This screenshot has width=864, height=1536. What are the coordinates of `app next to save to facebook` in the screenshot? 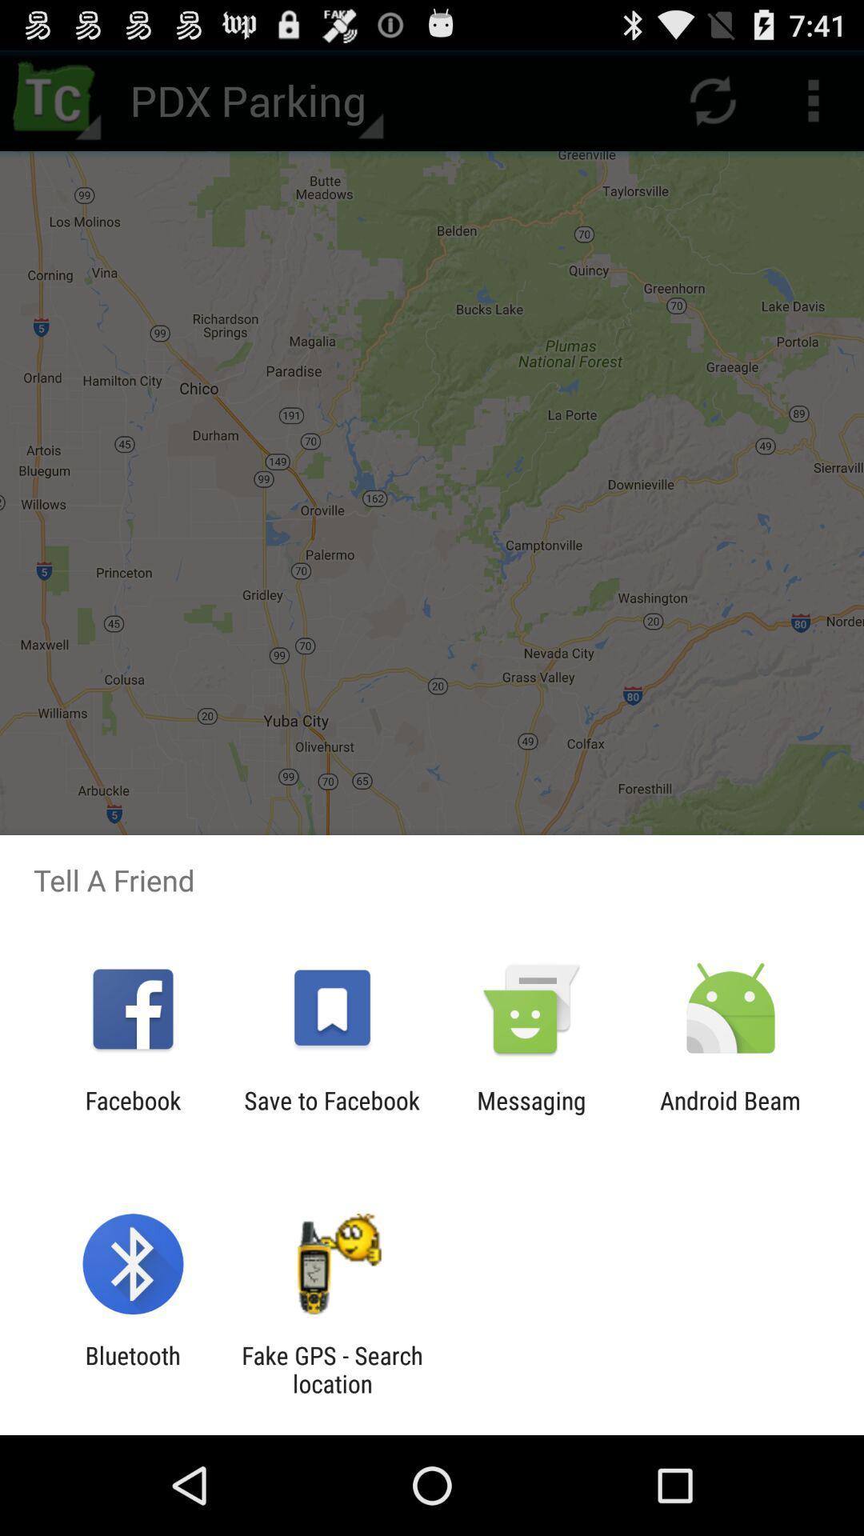 It's located at (531, 1114).